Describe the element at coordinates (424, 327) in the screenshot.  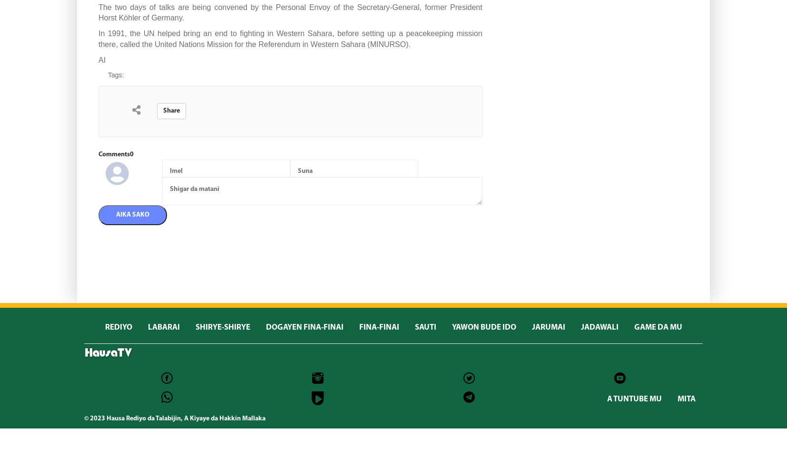
I see `'SAUTI'` at that location.